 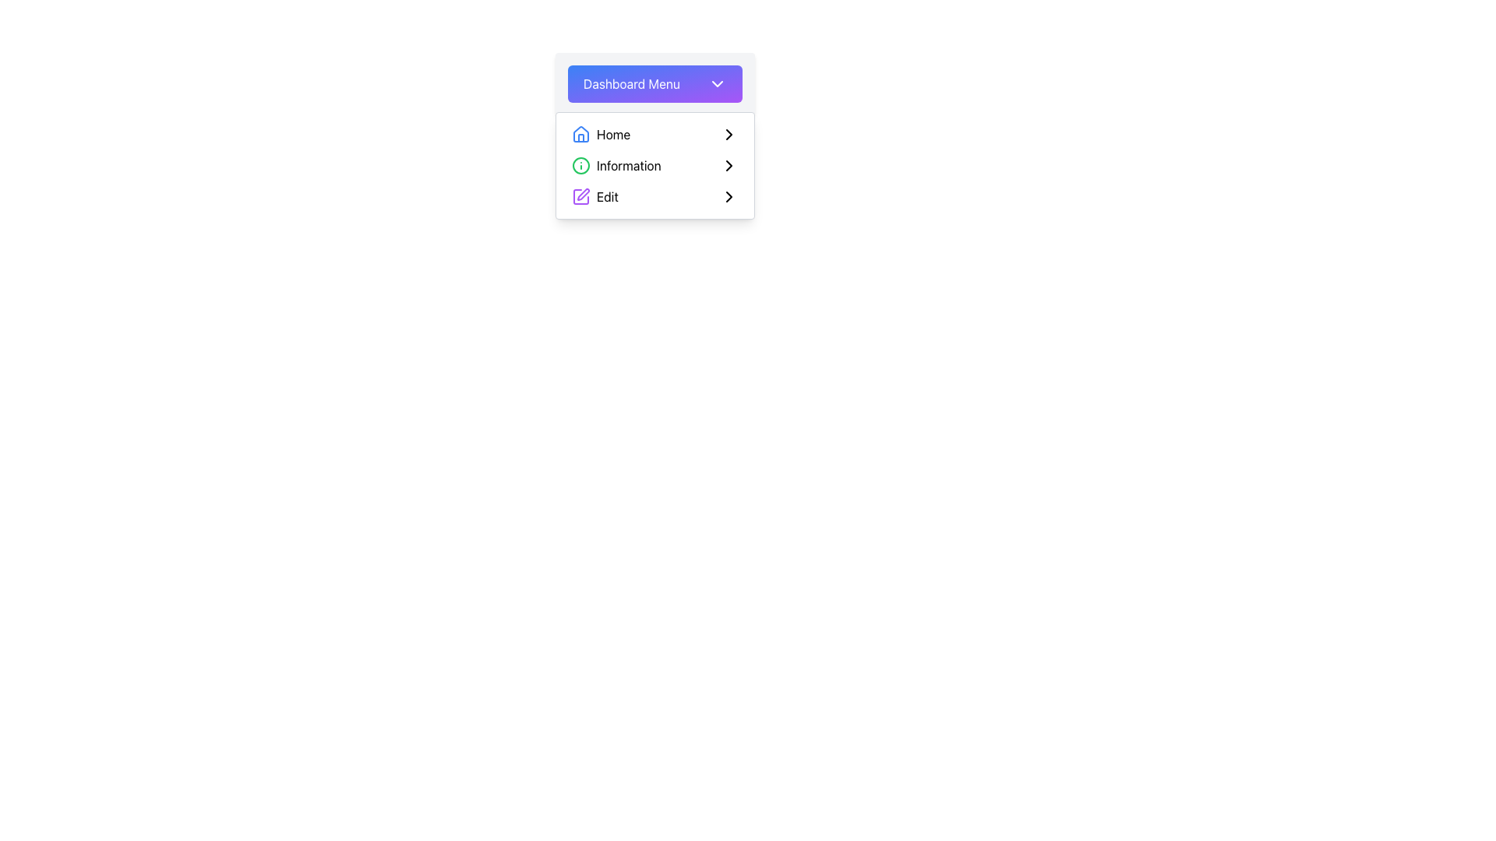 I want to click on the right chevron icon within the 'Information' menu item, which indicates navigation or expansion options, so click(x=729, y=165).